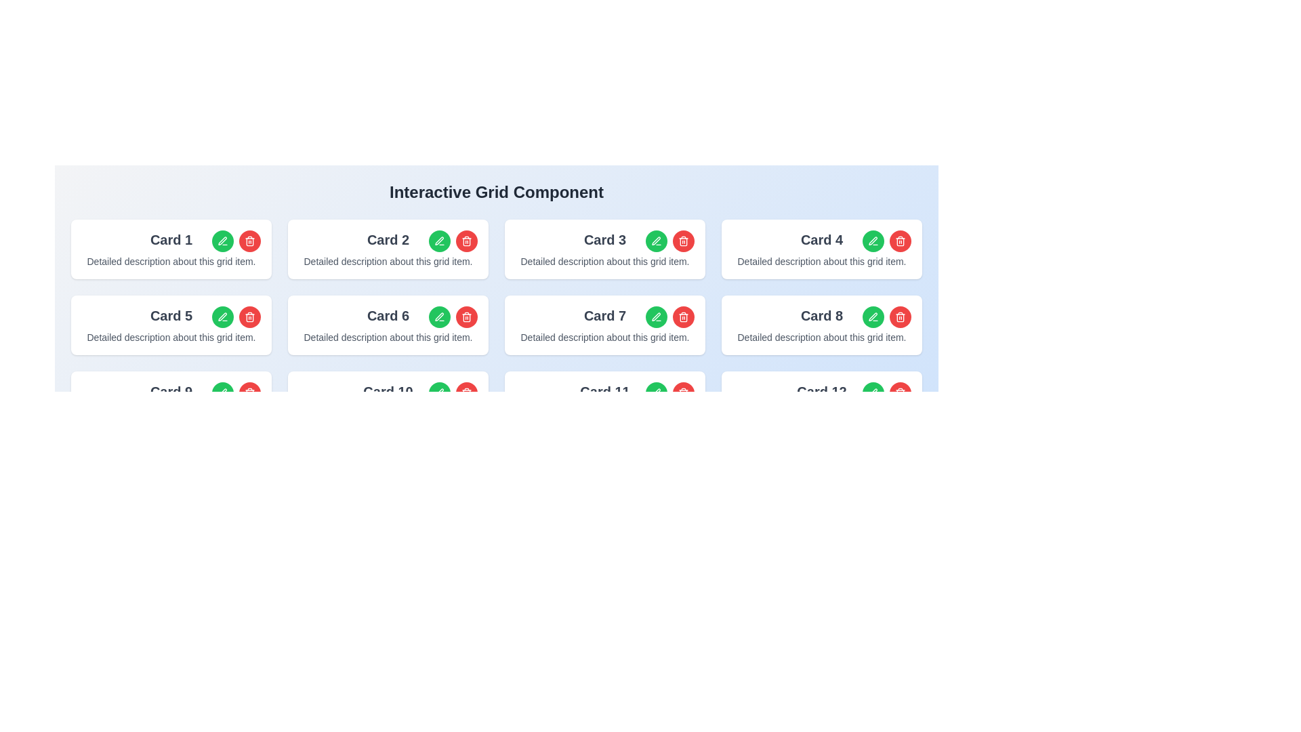  Describe the element at coordinates (223, 240) in the screenshot. I see `the circular green button with a white pen icon` at that location.